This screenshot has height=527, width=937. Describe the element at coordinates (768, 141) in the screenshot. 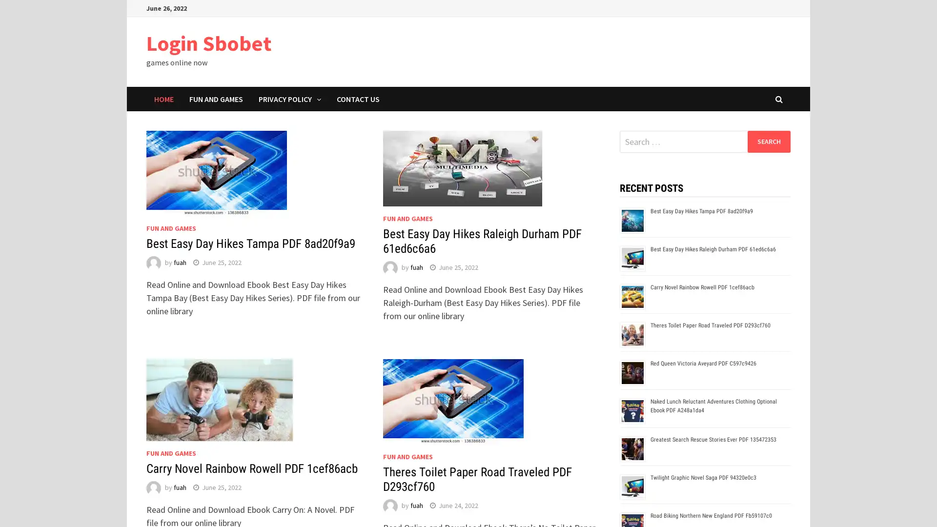

I see `Search` at that location.